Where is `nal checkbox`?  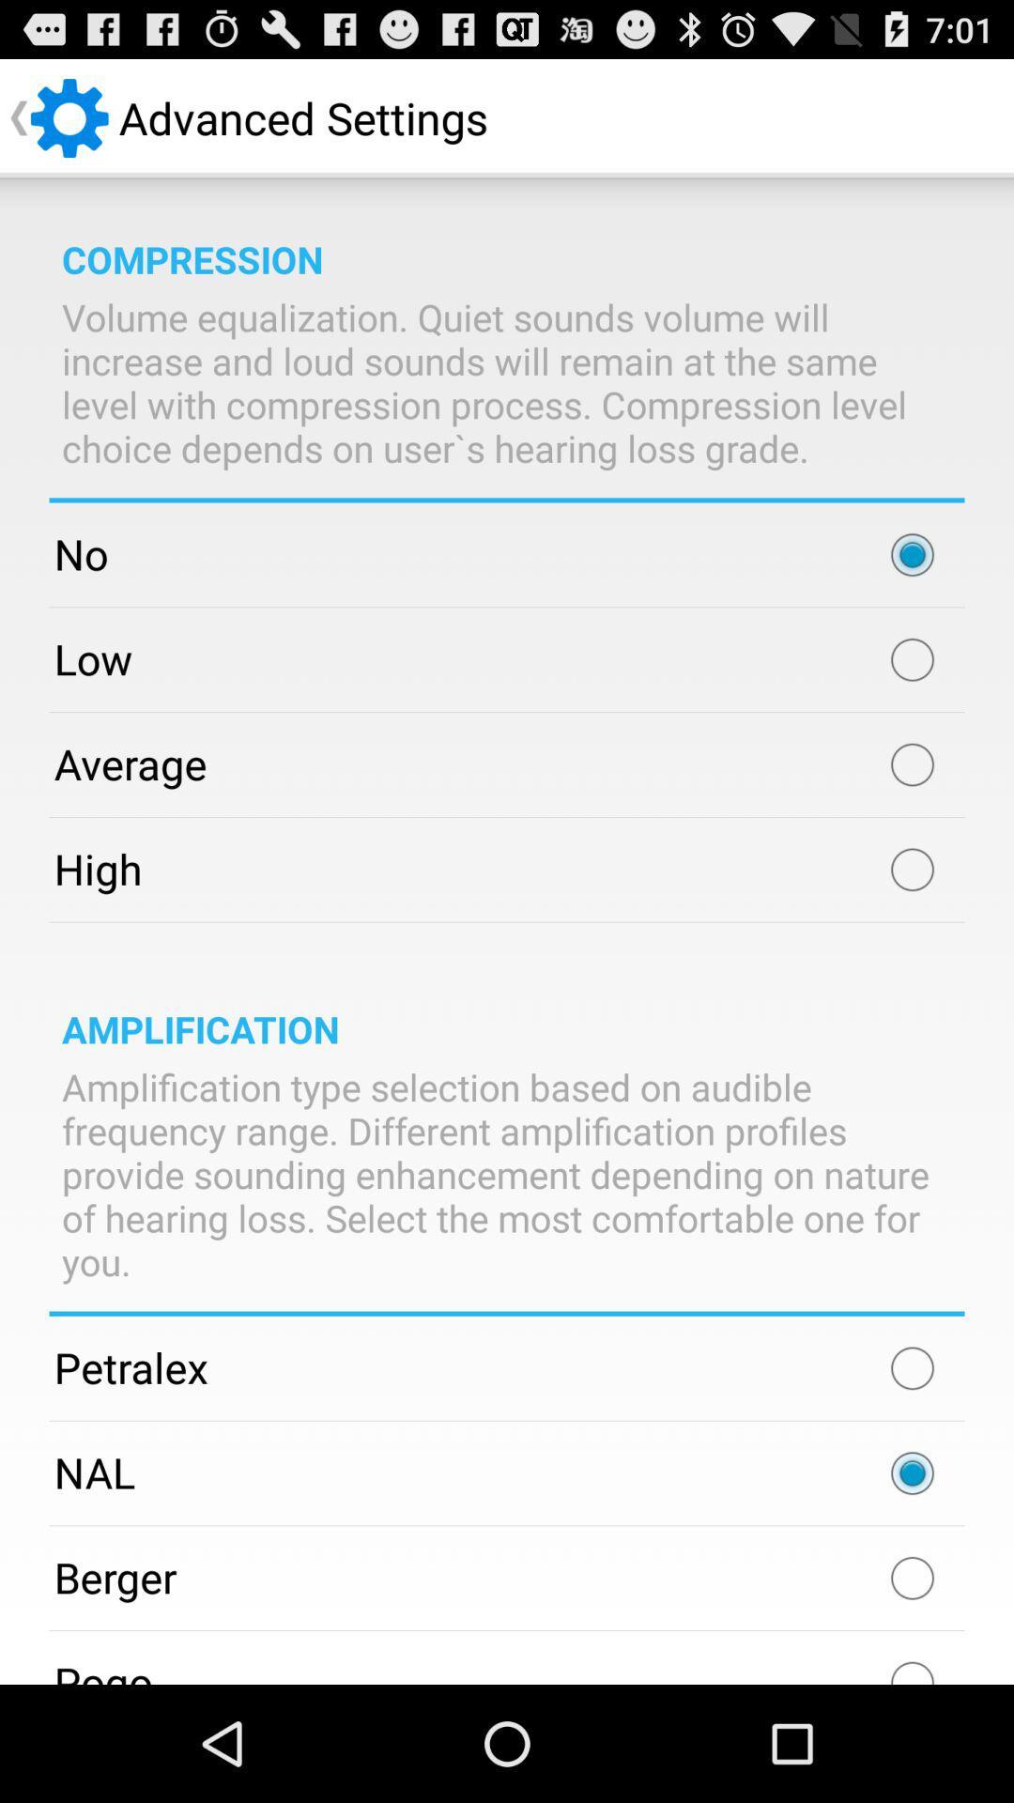
nal checkbox is located at coordinates (912, 1472).